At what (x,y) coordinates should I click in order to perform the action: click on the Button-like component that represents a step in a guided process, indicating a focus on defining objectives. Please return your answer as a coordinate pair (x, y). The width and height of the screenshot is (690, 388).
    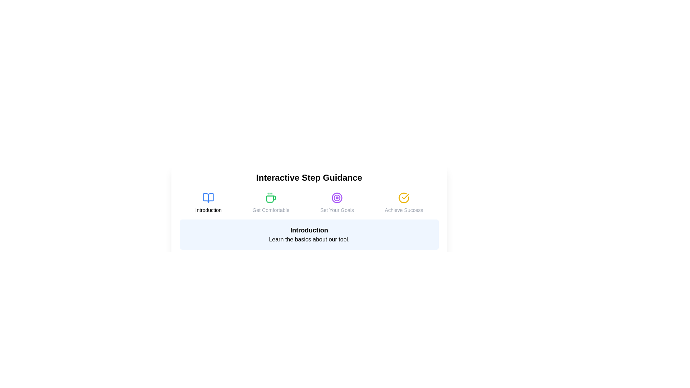
    Looking at the image, I should click on (337, 203).